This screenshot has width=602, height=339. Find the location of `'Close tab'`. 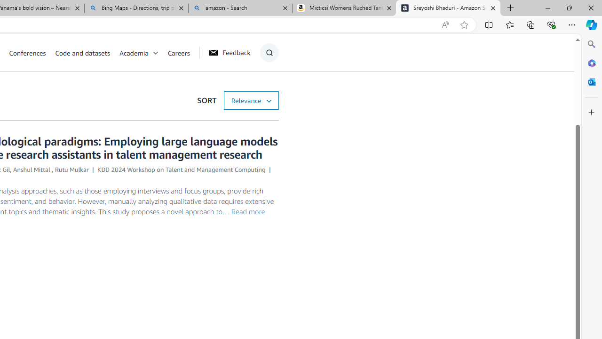

'Close tab' is located at coordinates (492, 8).